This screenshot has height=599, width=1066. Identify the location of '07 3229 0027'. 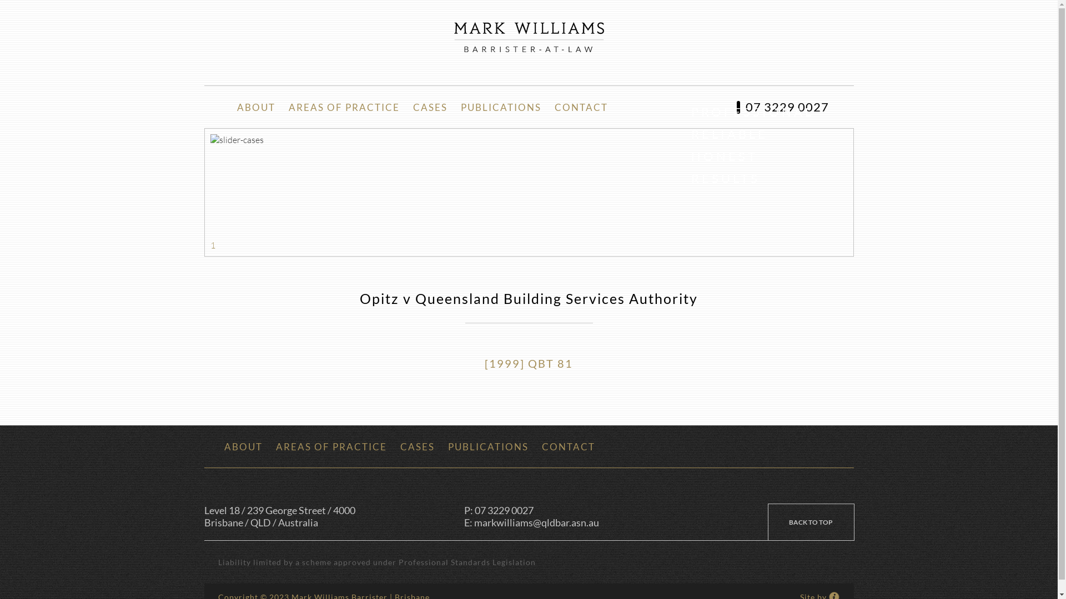
(782, 106).